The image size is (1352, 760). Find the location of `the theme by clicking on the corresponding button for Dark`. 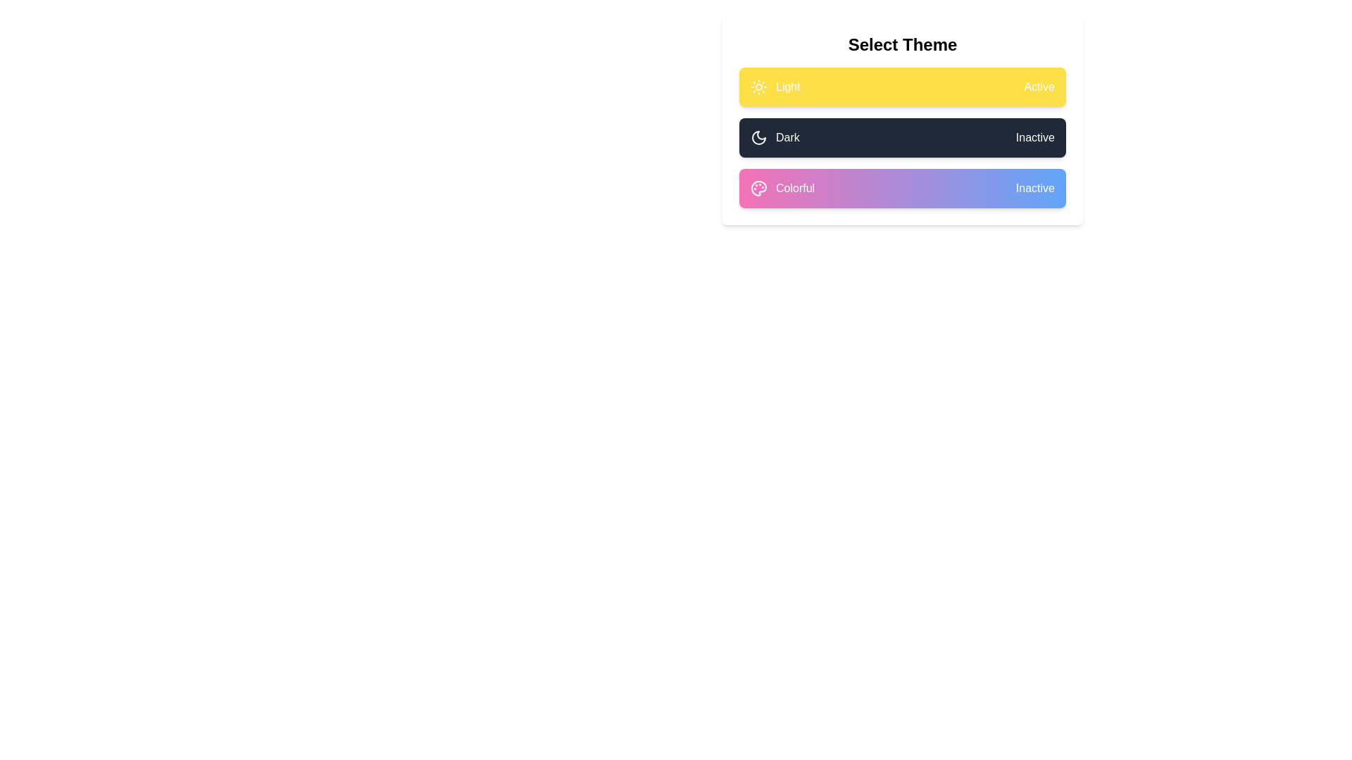

the theme by clicking on the corresponding button for Dark is located at coordinates (902, 138).